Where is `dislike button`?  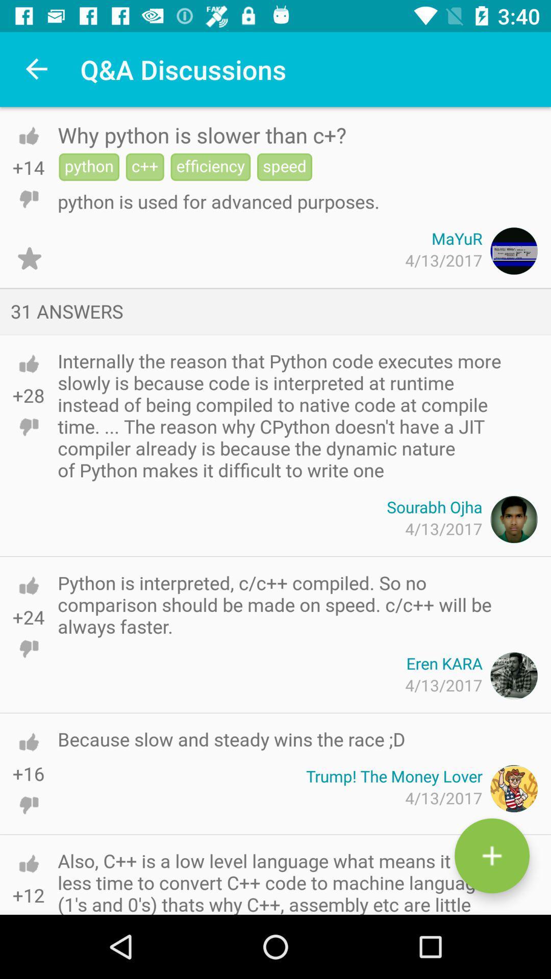 dislike button is located at coordinates (28, 648).